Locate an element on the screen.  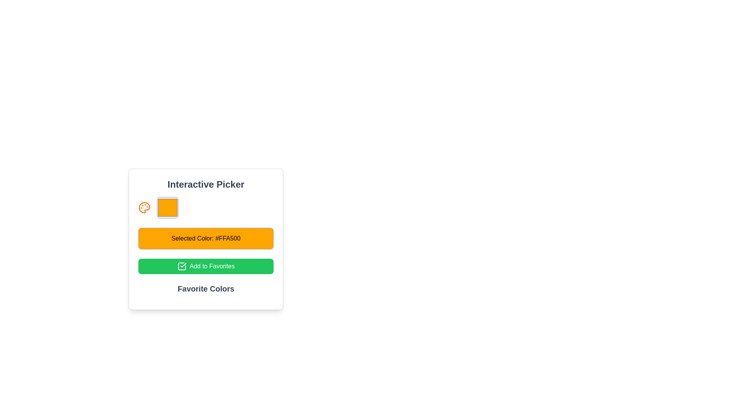
the Color display section located beneath the title 'Interactive Picker' and above the 'Selected Color' section by clicking on it is located at coordinates (206, 207).